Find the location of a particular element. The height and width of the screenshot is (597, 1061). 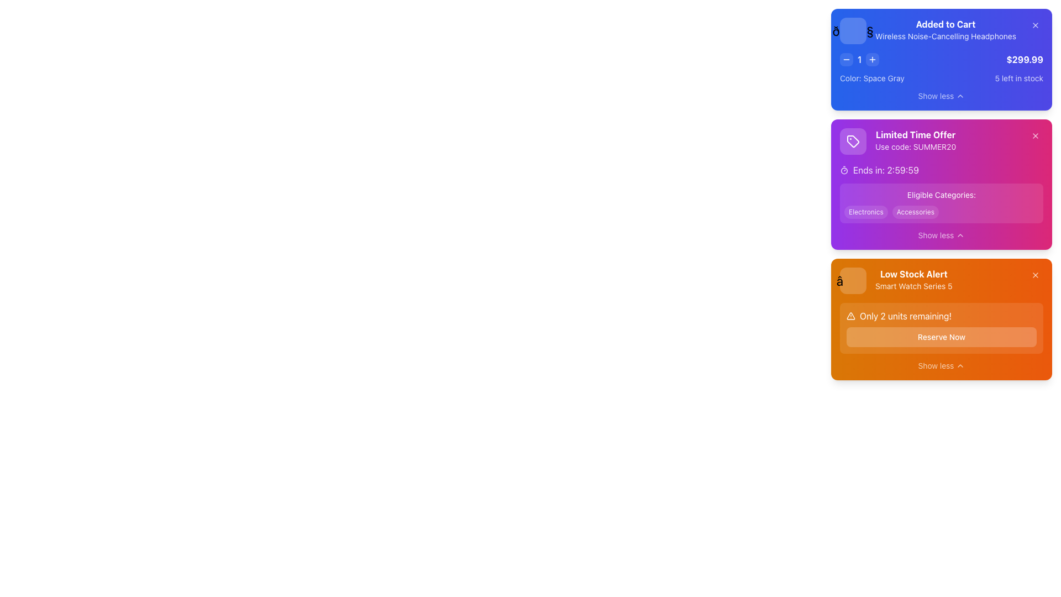

the toggle button located at the bottom of the blue card to change its text color is located at coordinates (941, 95).